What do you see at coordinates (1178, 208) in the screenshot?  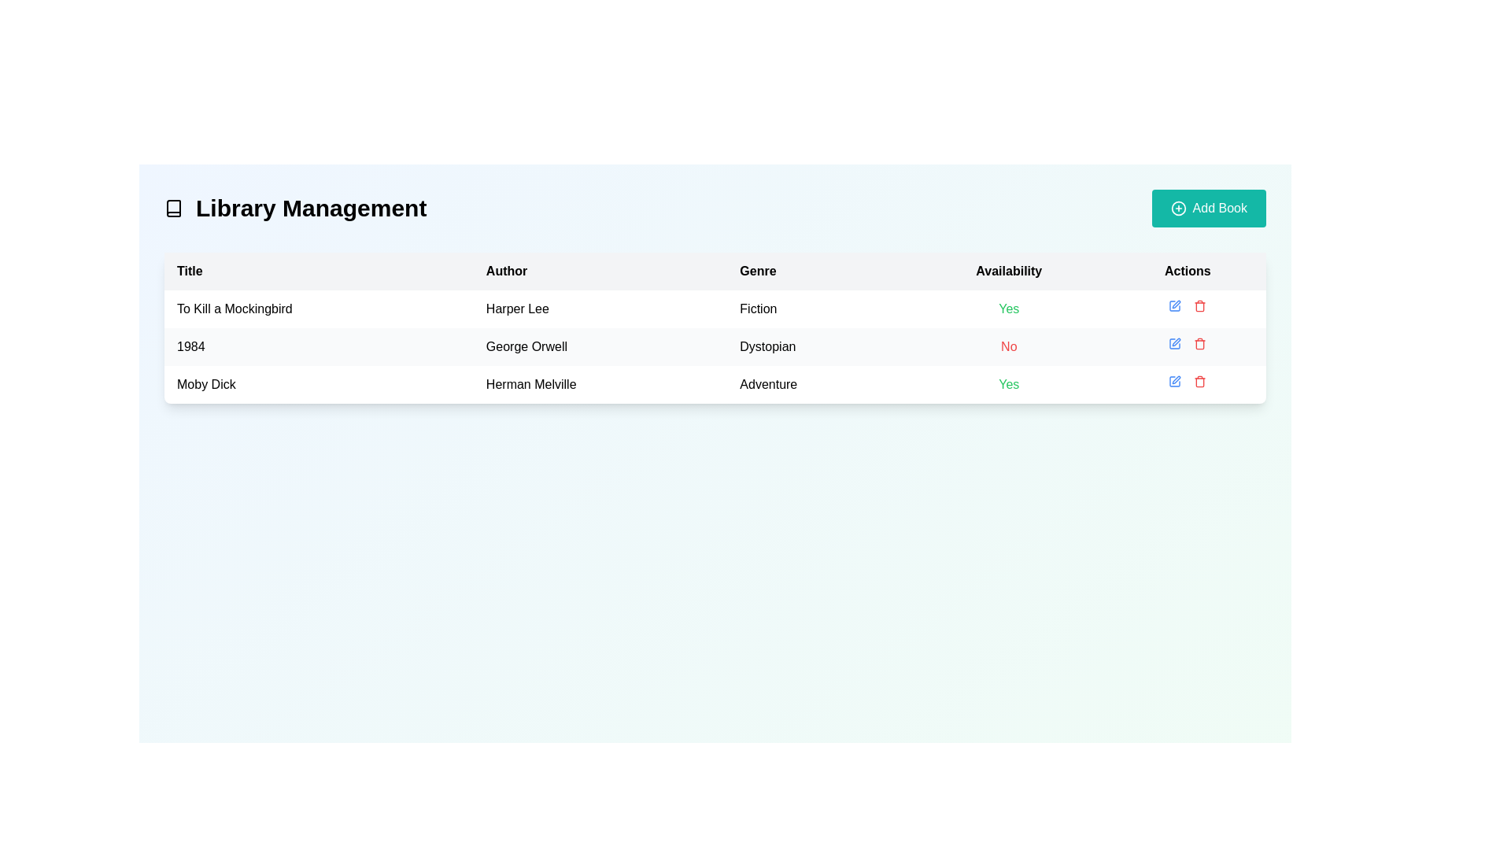 I see `the addition icon located to the left of the 'Add Book' text on the green button near the top-right region of the interface` at bounding box center [1178, 208].